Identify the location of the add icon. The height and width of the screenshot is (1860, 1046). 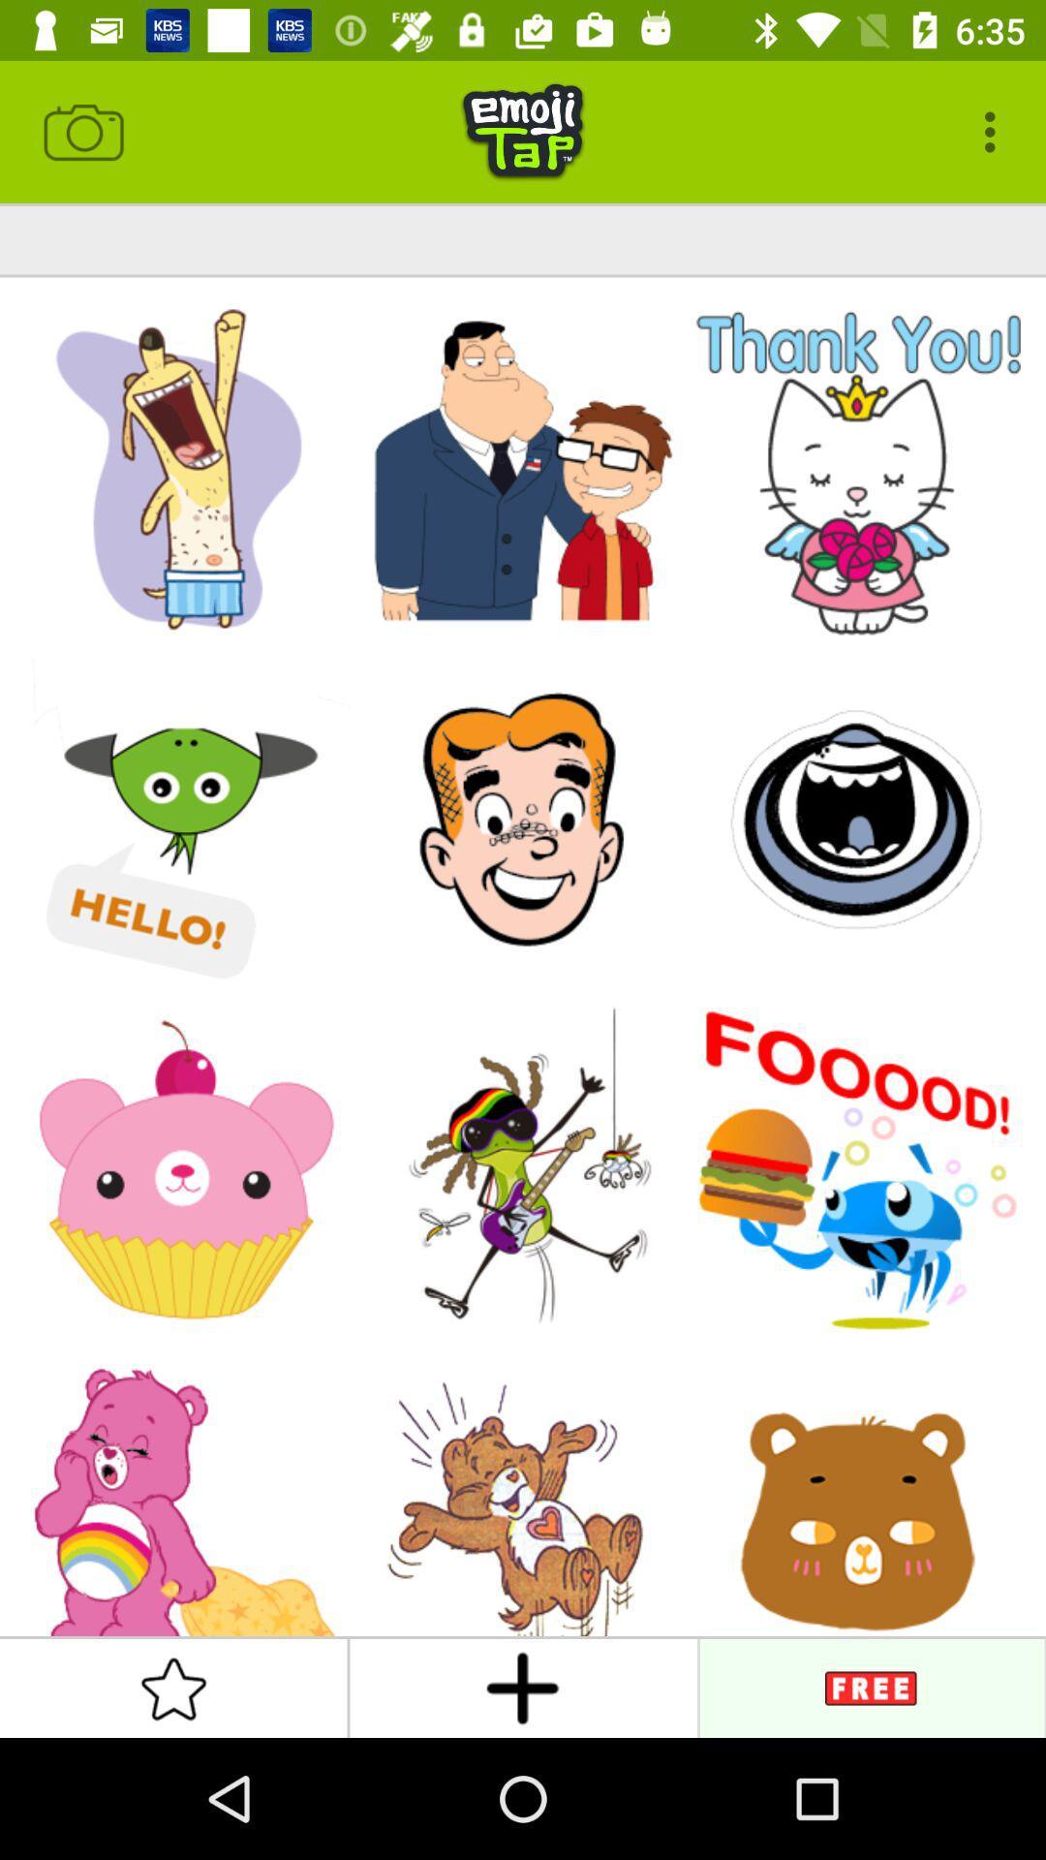
(523, 1687).